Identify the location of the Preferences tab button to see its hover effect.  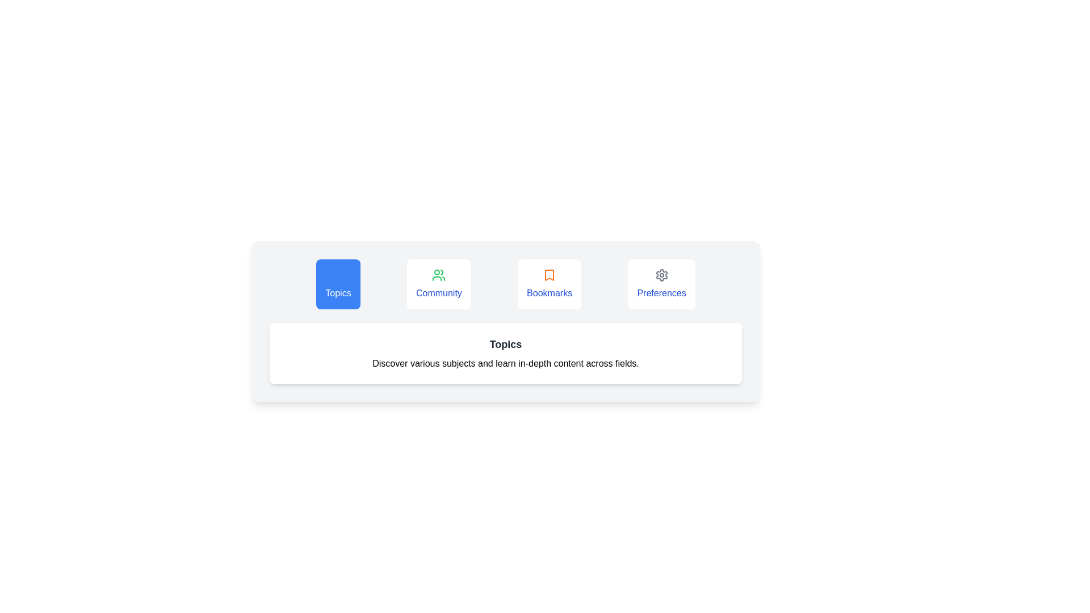
(661, 284).